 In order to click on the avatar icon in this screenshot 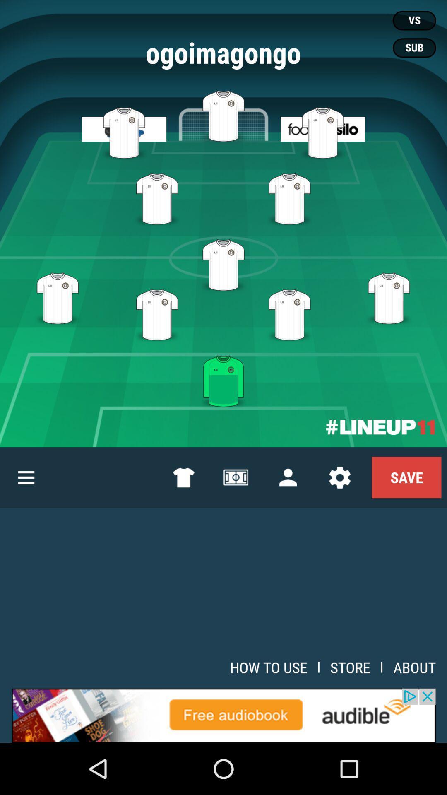, I will do `click(287, 477)`.